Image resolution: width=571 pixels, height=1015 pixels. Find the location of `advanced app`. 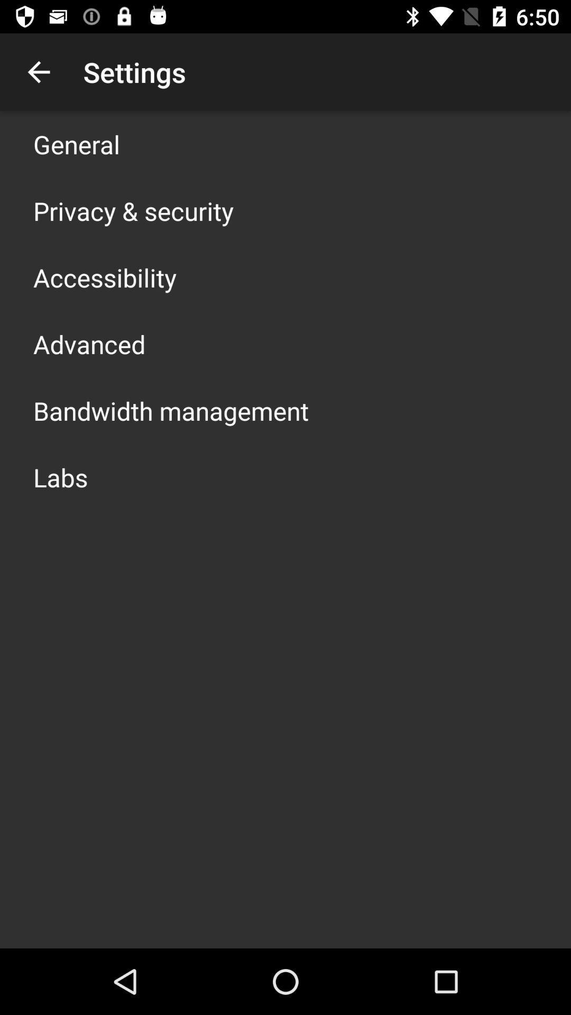

advanced app is located at coordinates (89, 344).